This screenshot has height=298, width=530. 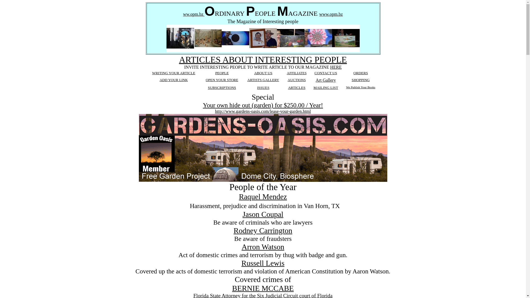 What do you see at coordinates (326, 73) in the screenshot?
I see `'CONTACT US'` at bounding box center [326, 73].